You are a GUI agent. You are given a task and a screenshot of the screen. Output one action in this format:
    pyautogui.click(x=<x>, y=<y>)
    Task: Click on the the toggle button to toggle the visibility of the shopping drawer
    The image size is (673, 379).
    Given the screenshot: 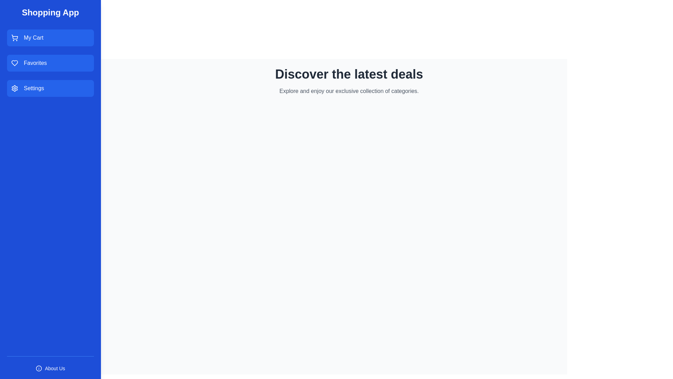 What is the action you would take?
    pyautogui.click(x=42, y=74)
    